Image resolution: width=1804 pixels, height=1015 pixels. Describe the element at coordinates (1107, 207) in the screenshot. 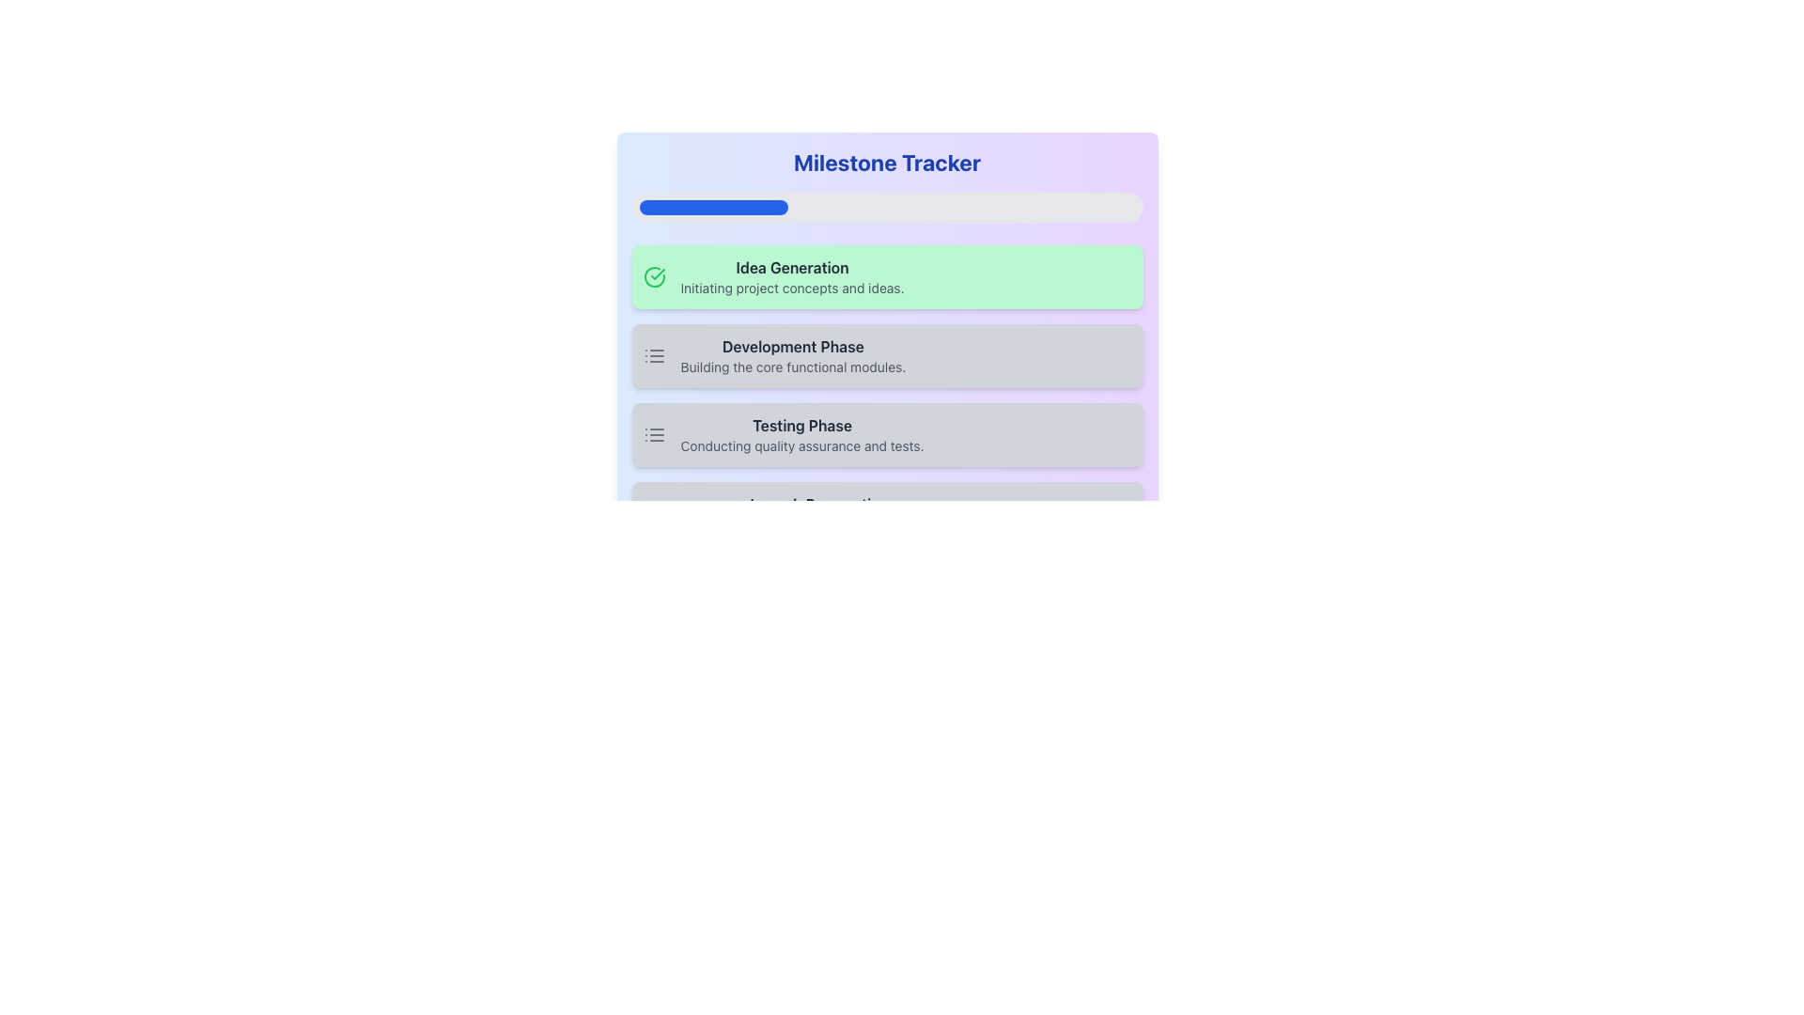

I see `the progress bar` at that location.